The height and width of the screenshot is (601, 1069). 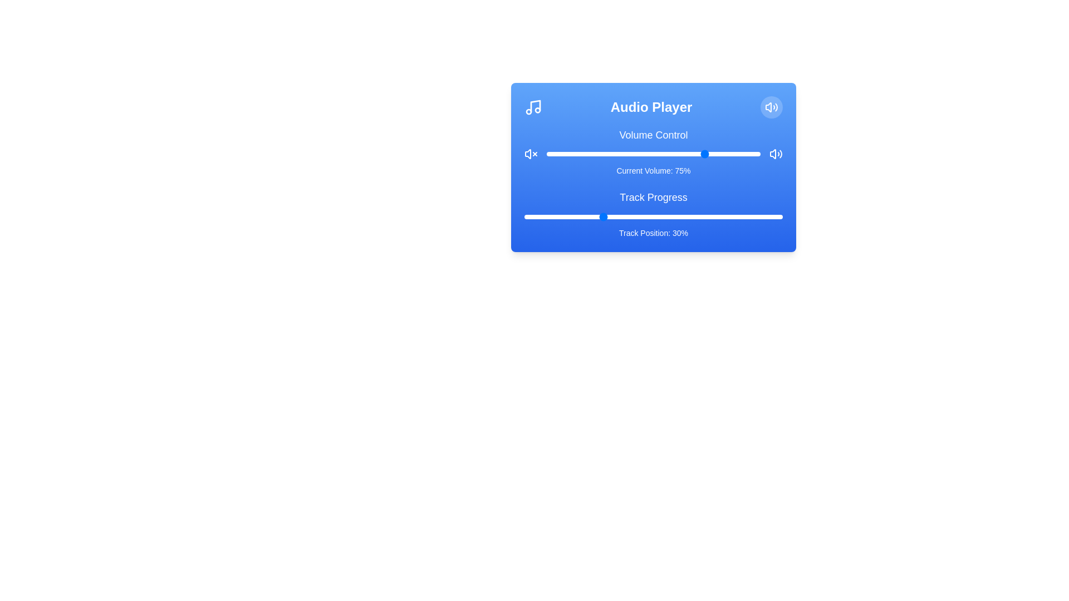 I want to click on the outermost arc of the volume icon in the top-right corner of the audio player interface, so click(x=776, y=107).